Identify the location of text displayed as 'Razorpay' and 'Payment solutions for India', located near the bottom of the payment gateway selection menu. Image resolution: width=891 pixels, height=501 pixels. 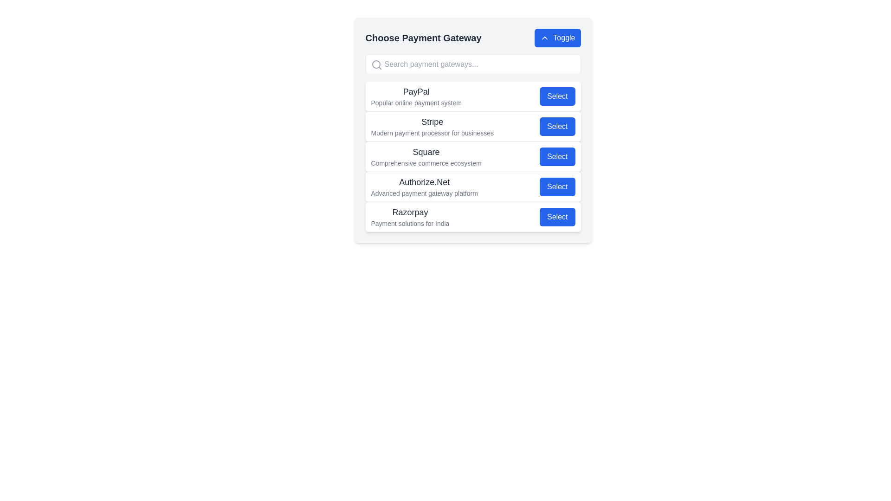
(409, 217).